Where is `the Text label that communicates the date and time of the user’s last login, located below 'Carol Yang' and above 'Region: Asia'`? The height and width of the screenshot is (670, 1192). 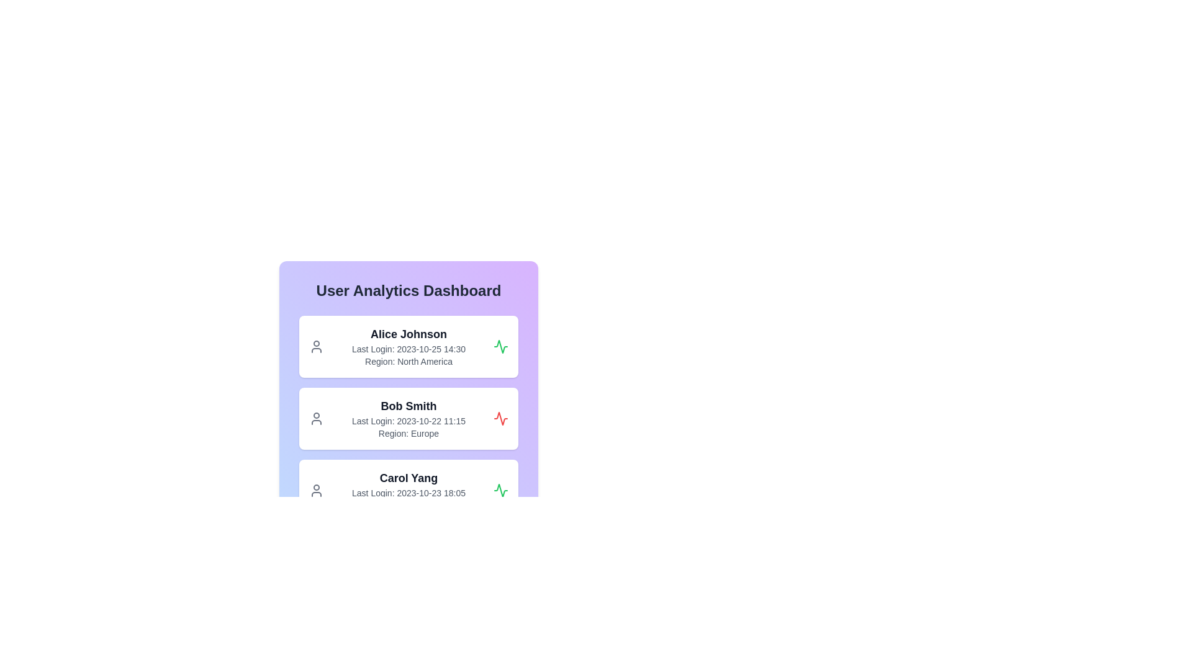 the Text label that communicates the date and time of the user’s last login, located below 'Carol Yang' and above 'Region: Asia' is located at coordinates (409, 492).